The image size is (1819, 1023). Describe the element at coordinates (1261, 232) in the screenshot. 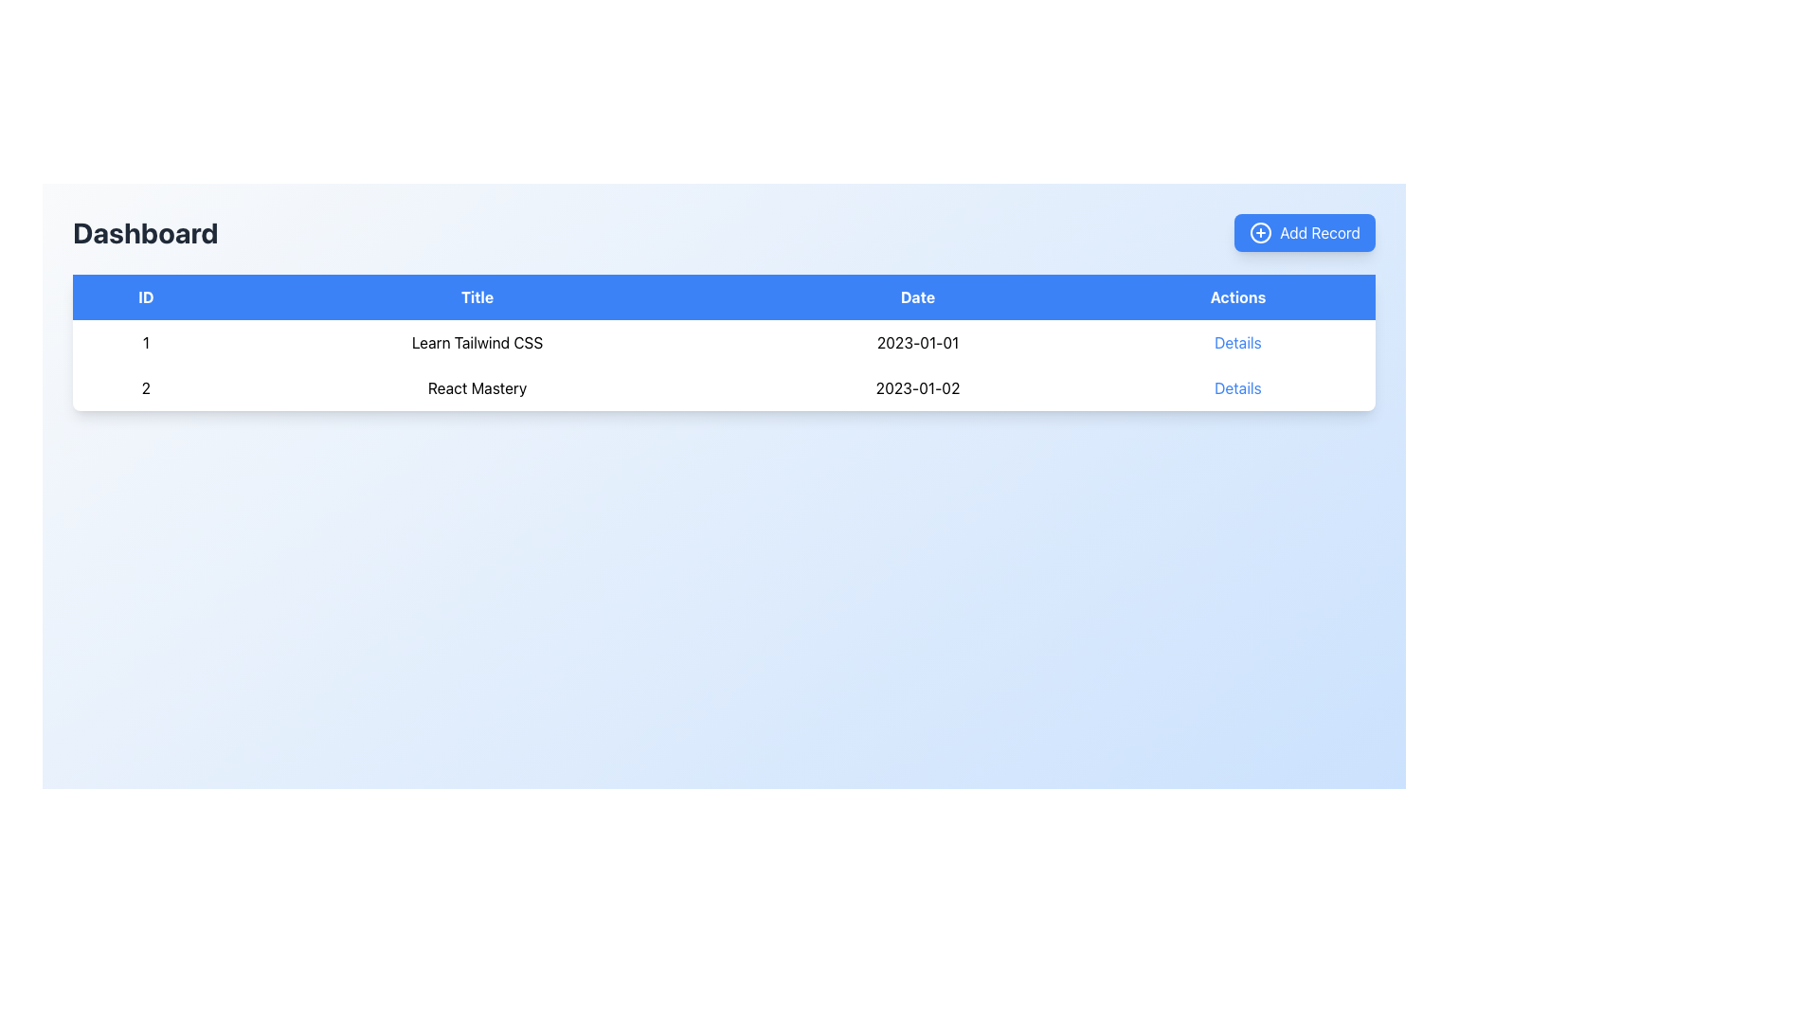

I see `the circular icon with a light border featuring a white '-' and '+' marking, located within the blue 'Add Record' button in the upper right corner of the layout` at that location.